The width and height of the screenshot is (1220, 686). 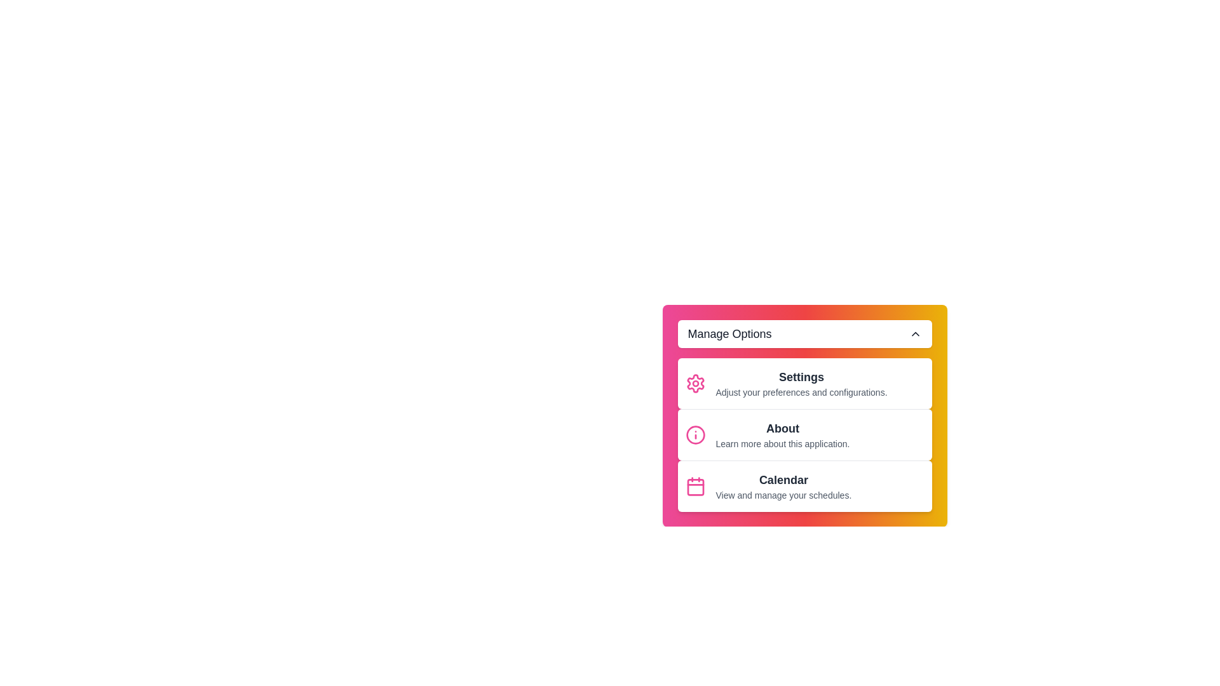 I want to click on the 'Manage Options' button to toggle the menu visibility, so click(x=804, y=333).